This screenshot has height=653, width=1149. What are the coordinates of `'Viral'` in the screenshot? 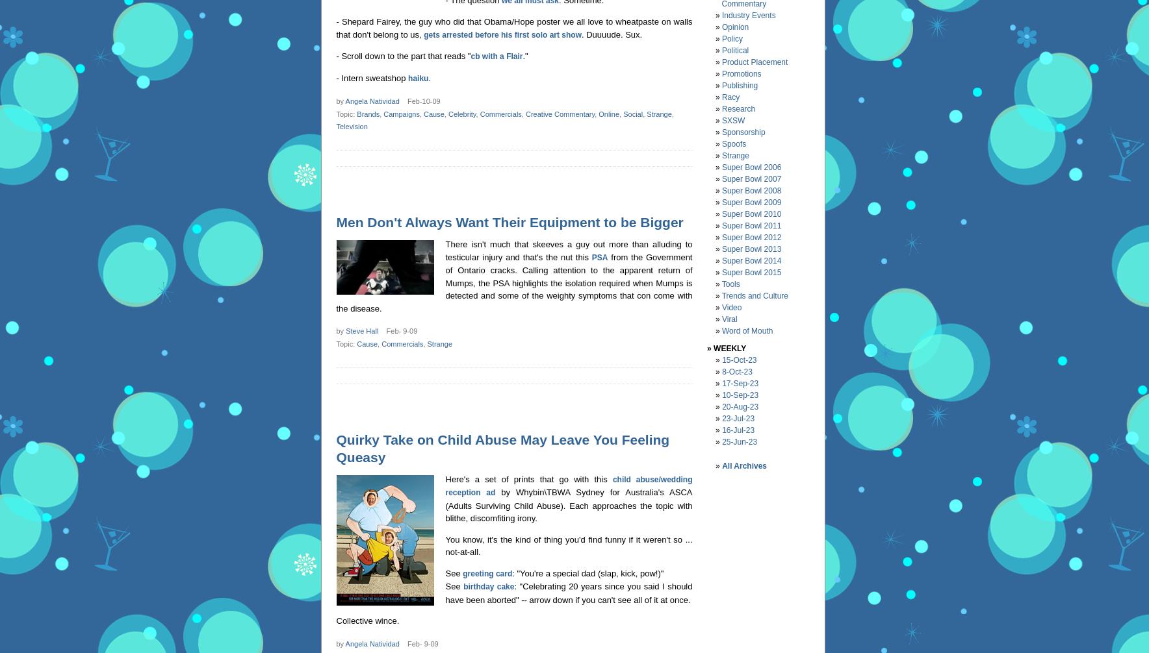 It's located at (721, 318).